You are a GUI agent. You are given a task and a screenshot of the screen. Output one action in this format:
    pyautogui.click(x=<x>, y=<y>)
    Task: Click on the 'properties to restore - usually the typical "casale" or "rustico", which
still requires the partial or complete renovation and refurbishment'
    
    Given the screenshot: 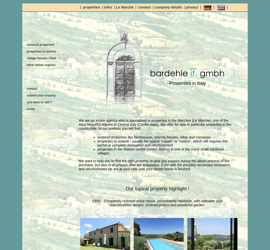 What is the action you would take?
    pyautogui.click(x=162, y=143)
    